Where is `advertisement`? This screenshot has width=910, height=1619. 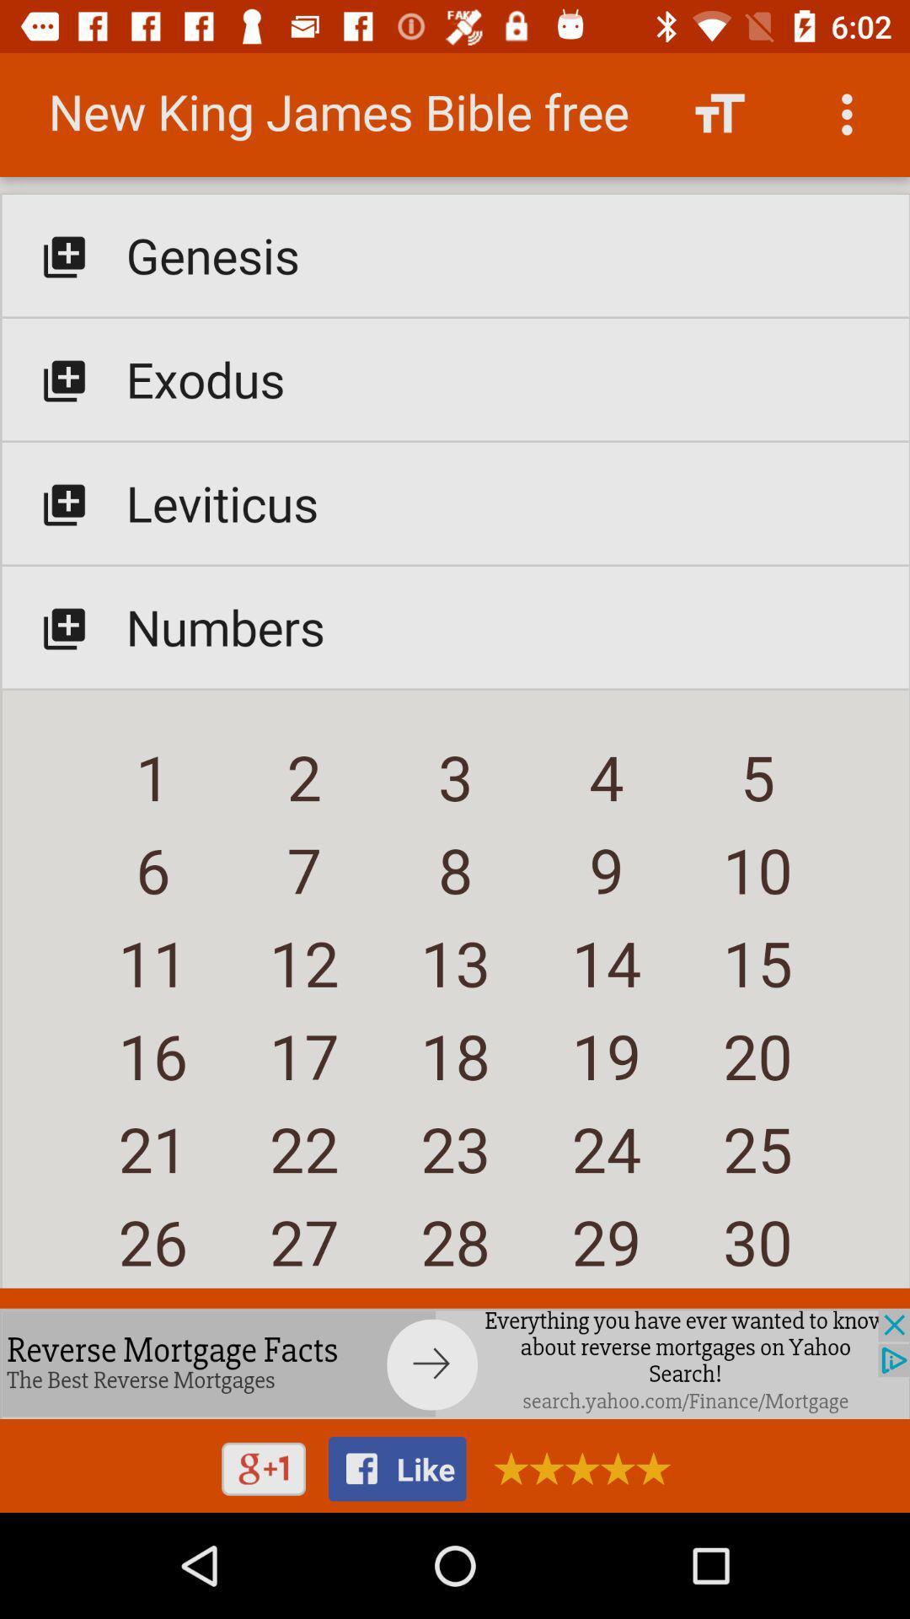
advertisement is located at coordinates (455, 1364).